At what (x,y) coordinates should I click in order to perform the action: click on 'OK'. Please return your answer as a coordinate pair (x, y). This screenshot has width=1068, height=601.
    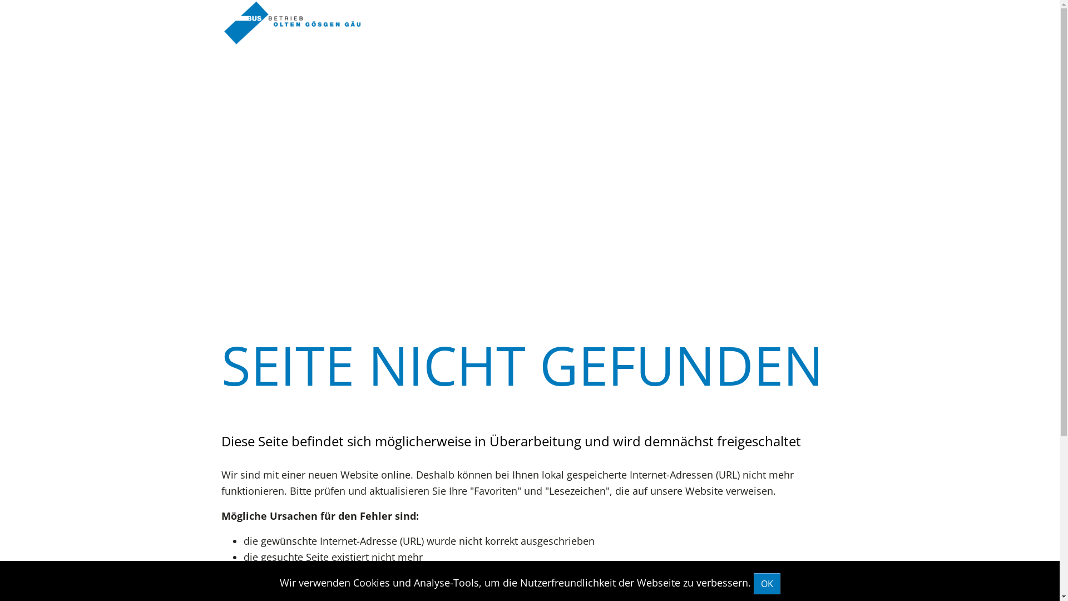
    Looking at the image, I should click on (765, 583).